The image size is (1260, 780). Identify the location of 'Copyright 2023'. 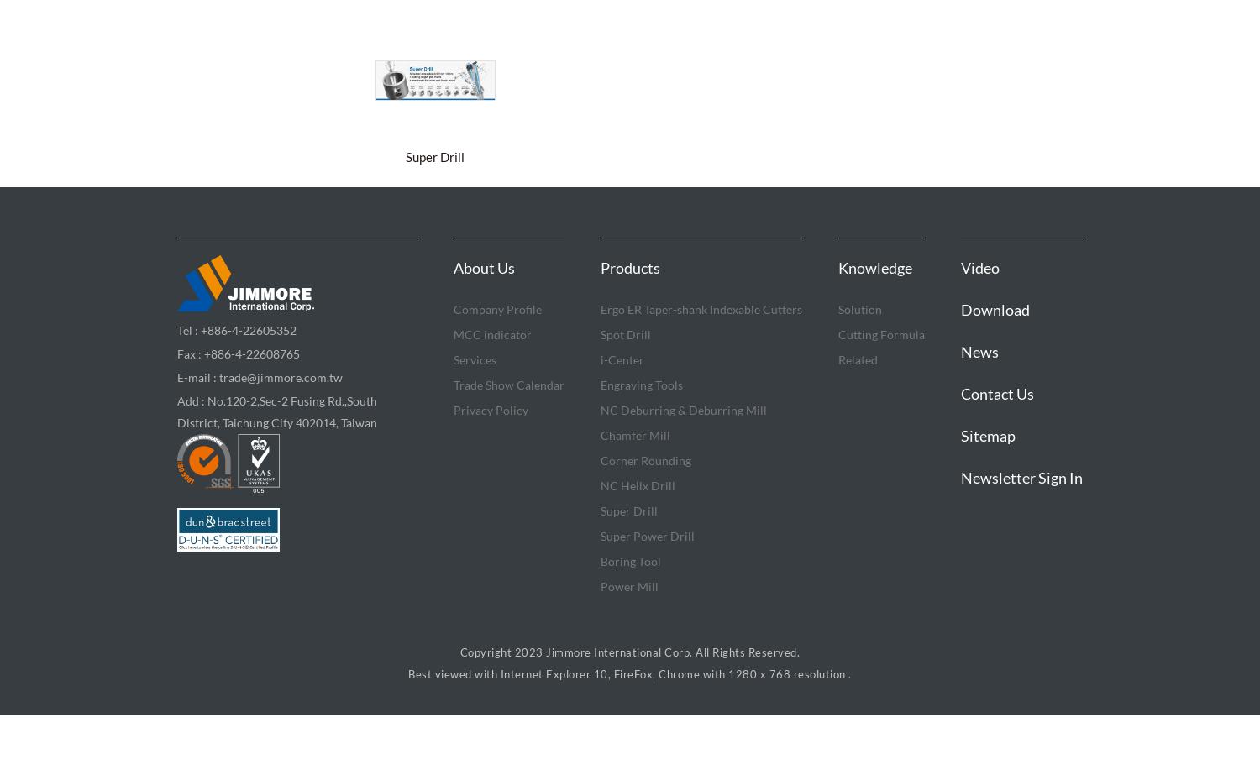
(501, 652).